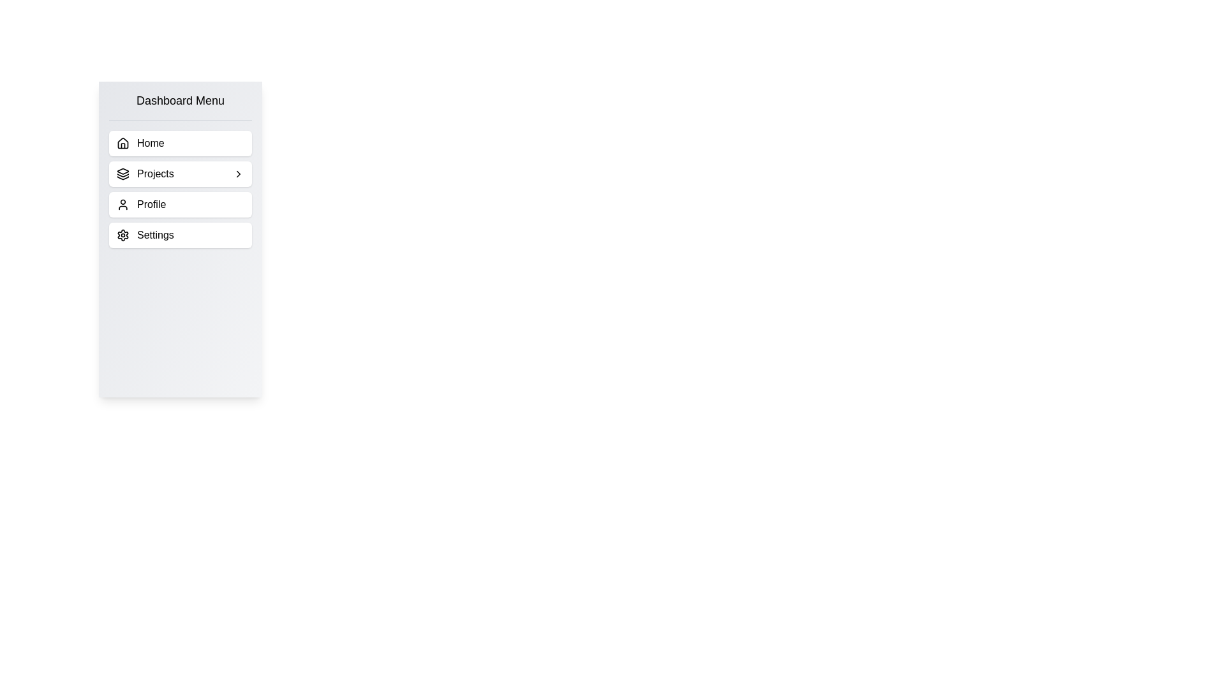 The height and width of the screenshot is (689, 1225). What do you see at coordinates (180, 204) in the screenshot?
I see `the 'Profile' list item in the Dashboard Menu, which is the third option in the vertical list, located beneath 'Projects' and above 'Settings'` at bounding box center [180, 204].